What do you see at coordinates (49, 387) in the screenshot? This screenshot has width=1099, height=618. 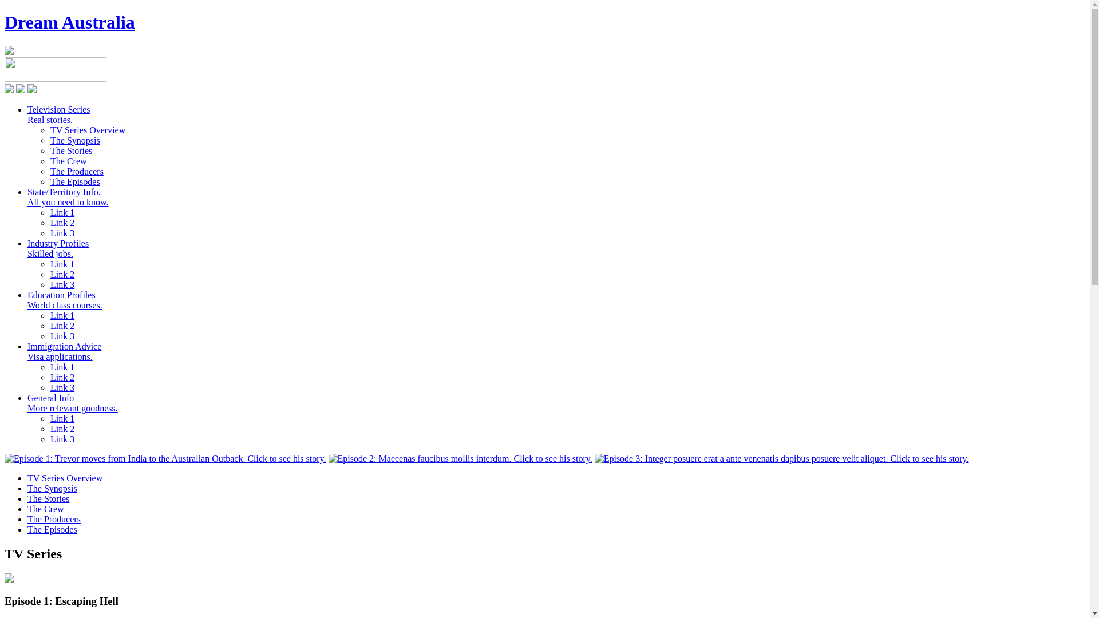 I see `'Link 3'` at bounding box center [49, 387].